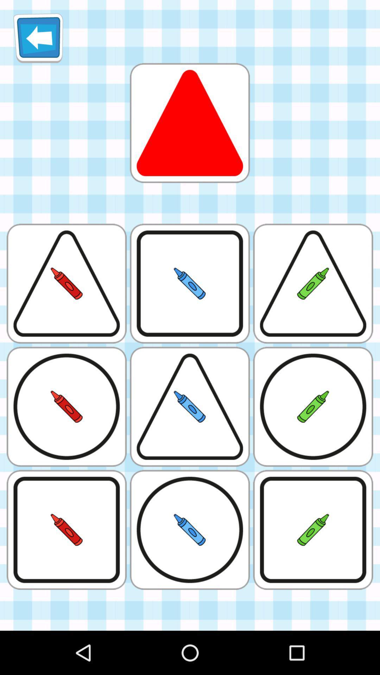  I want to click on the box which has blue crayon inside a circle, so click(189, 530).